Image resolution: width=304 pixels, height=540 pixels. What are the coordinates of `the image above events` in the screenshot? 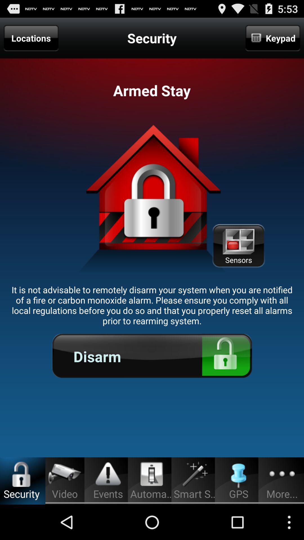 It's located at (108, 474).